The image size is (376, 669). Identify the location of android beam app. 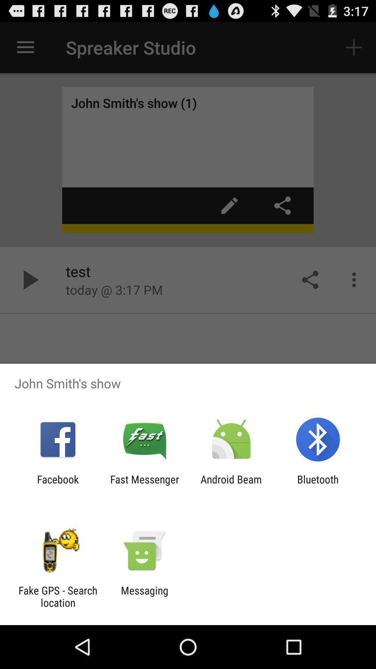
(231, 485).